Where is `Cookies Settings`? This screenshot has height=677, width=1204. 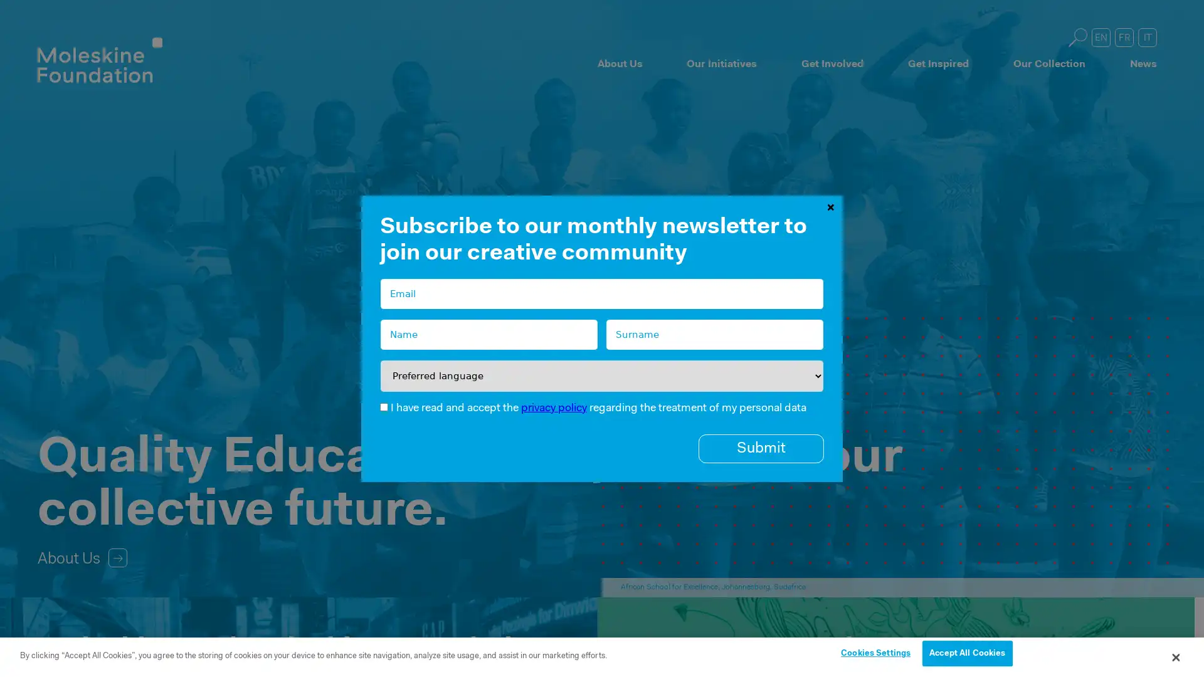
Cookies Settings is located at coordinates (872, 652).